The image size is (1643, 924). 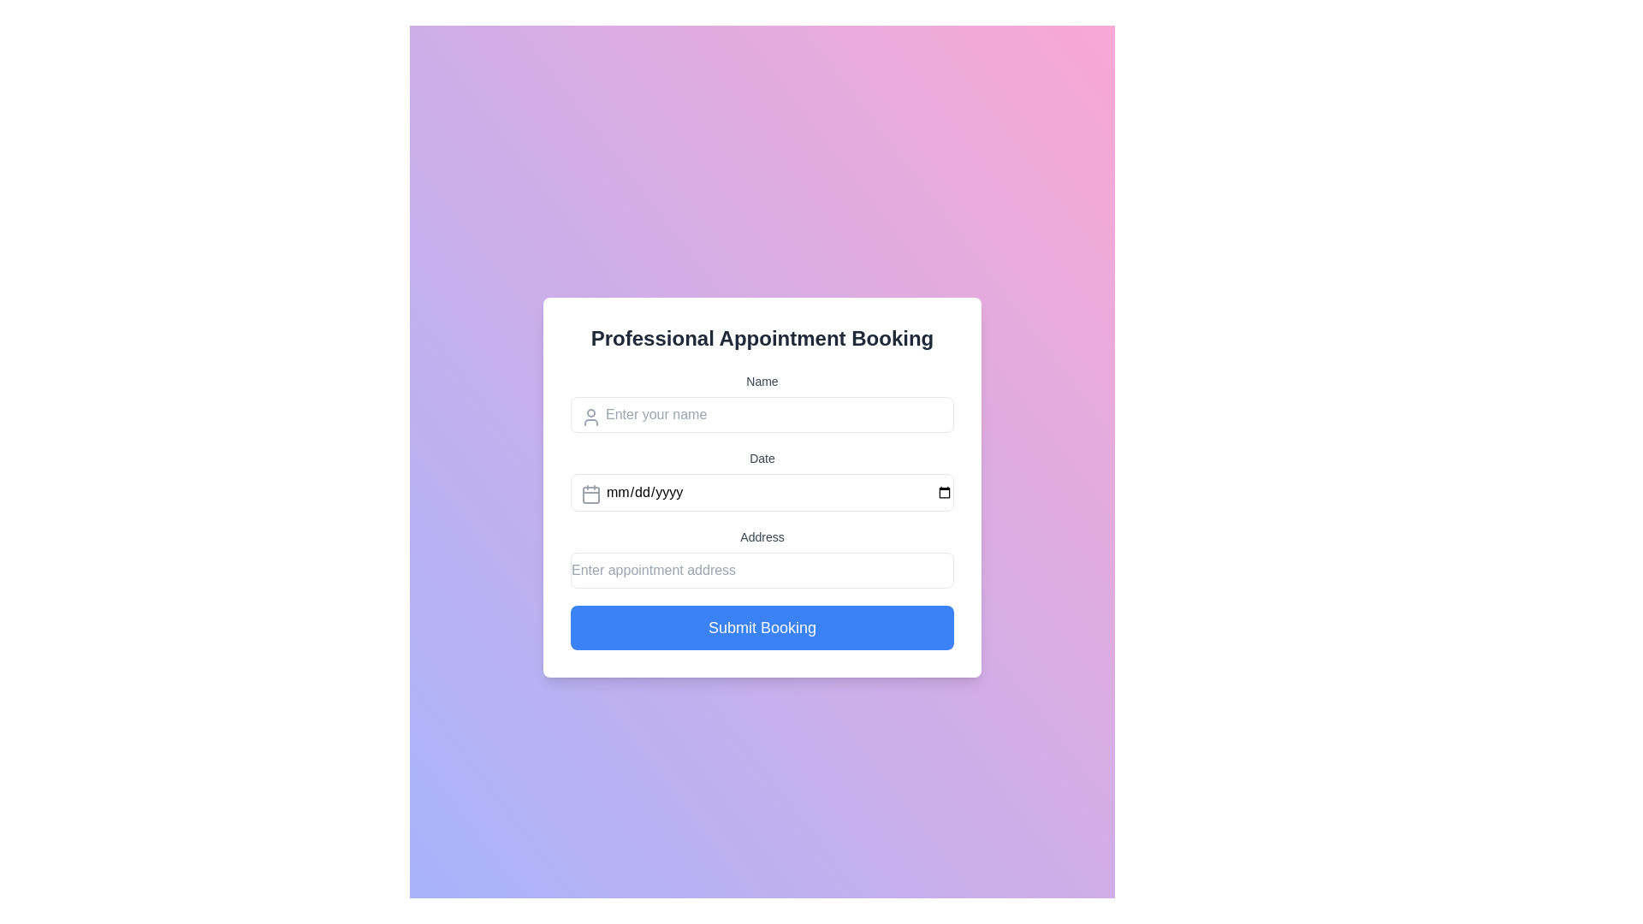 I want to click on the date selection input field, so click(x=762, y=481).